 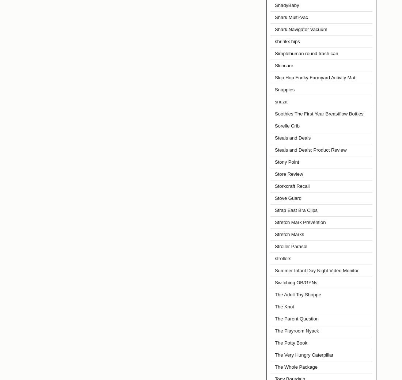 I want to click on 'ShadyBaby', so click(x=274, y=5).